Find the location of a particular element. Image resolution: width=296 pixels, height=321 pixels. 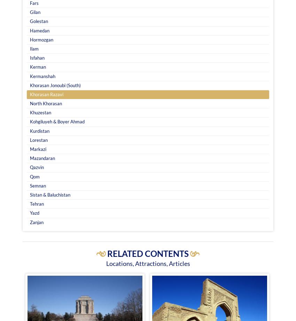

'Qom' is located at coordinates (34, 176).